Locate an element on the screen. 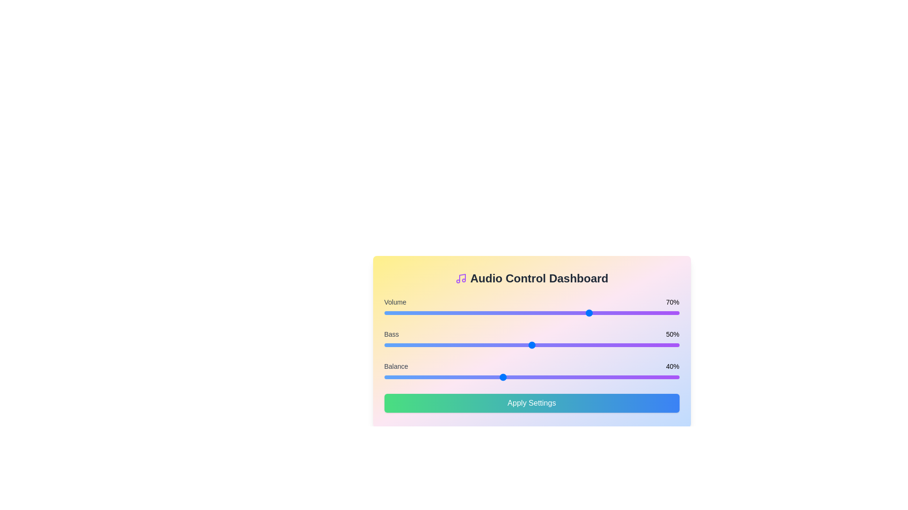  the text label displaying '70%' that indicates the value of the volume slider in the 'Audio Control Dashboard' is located at coordinates (672, 302).